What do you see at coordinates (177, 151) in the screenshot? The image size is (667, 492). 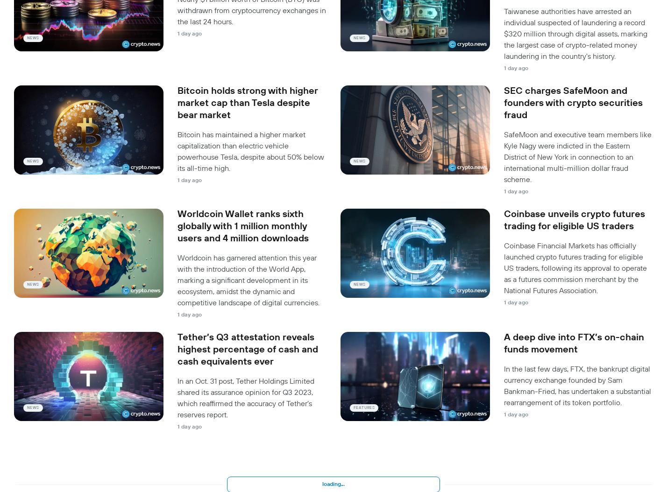 I see `'Bitcoin has maintained a higher market capitalization than electric vehicle powerhouse Tesla, despite about 50% below its all-time high.'` at bounding box center [177, 151].